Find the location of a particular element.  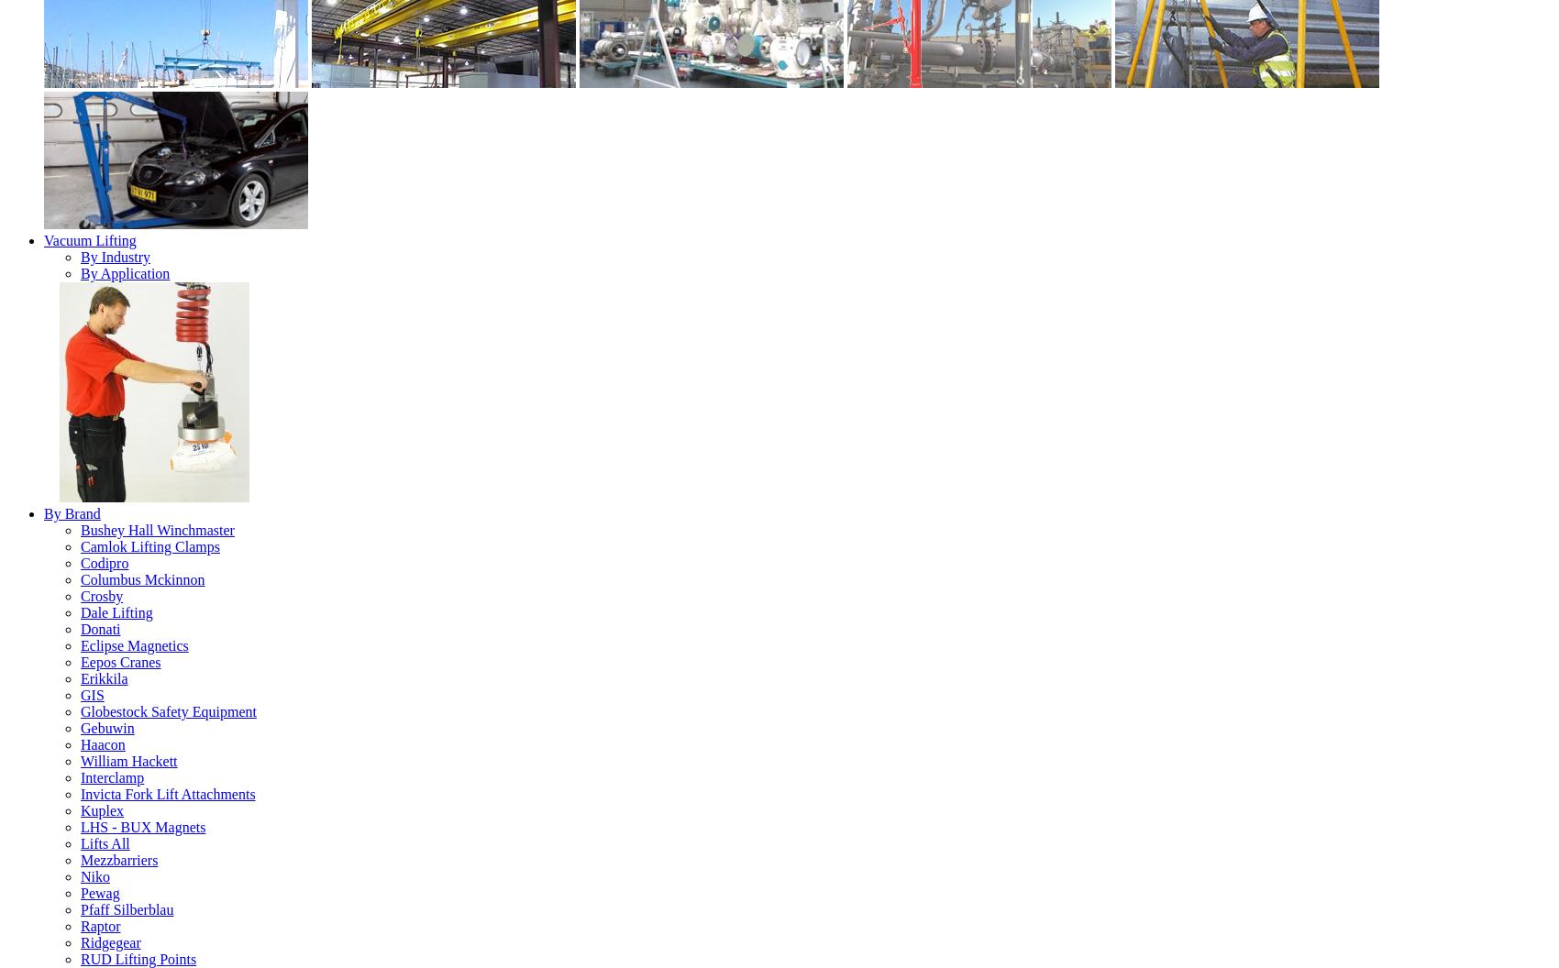

'By Application' is located at coordinates (81, 272).